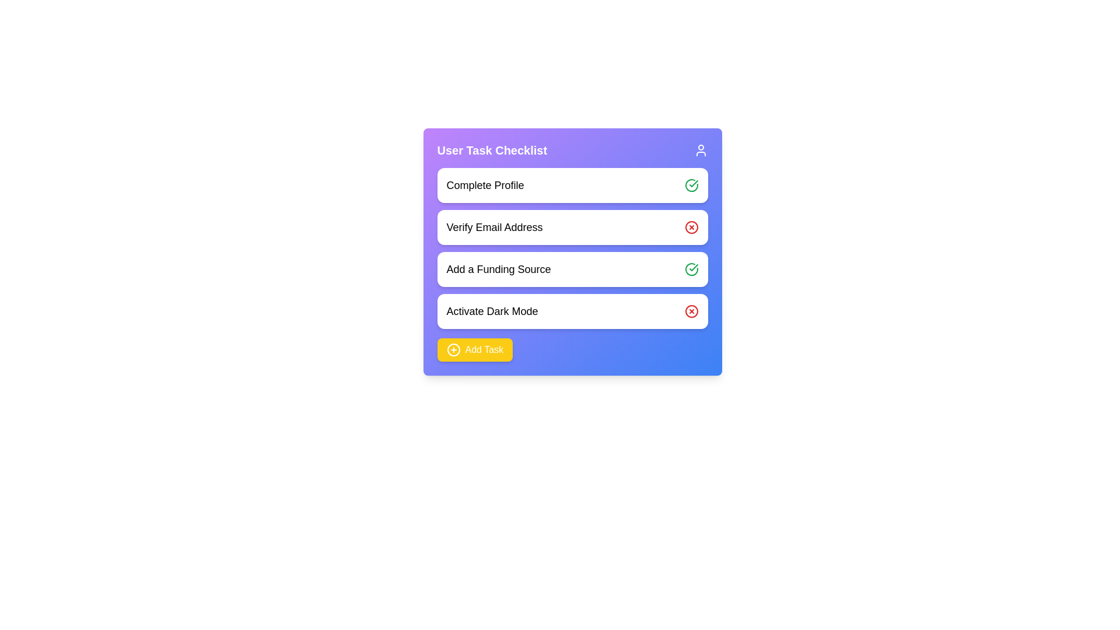  What do you see at coordinates (495, 227) in the screenshot?
I see `the static text label that identifies the task 'Verify Email Address', which is the second item in a vertical checklist and is positioned between 'Complete Profile' and 'Add a Funding Source'` at bounding box center [495, 227].